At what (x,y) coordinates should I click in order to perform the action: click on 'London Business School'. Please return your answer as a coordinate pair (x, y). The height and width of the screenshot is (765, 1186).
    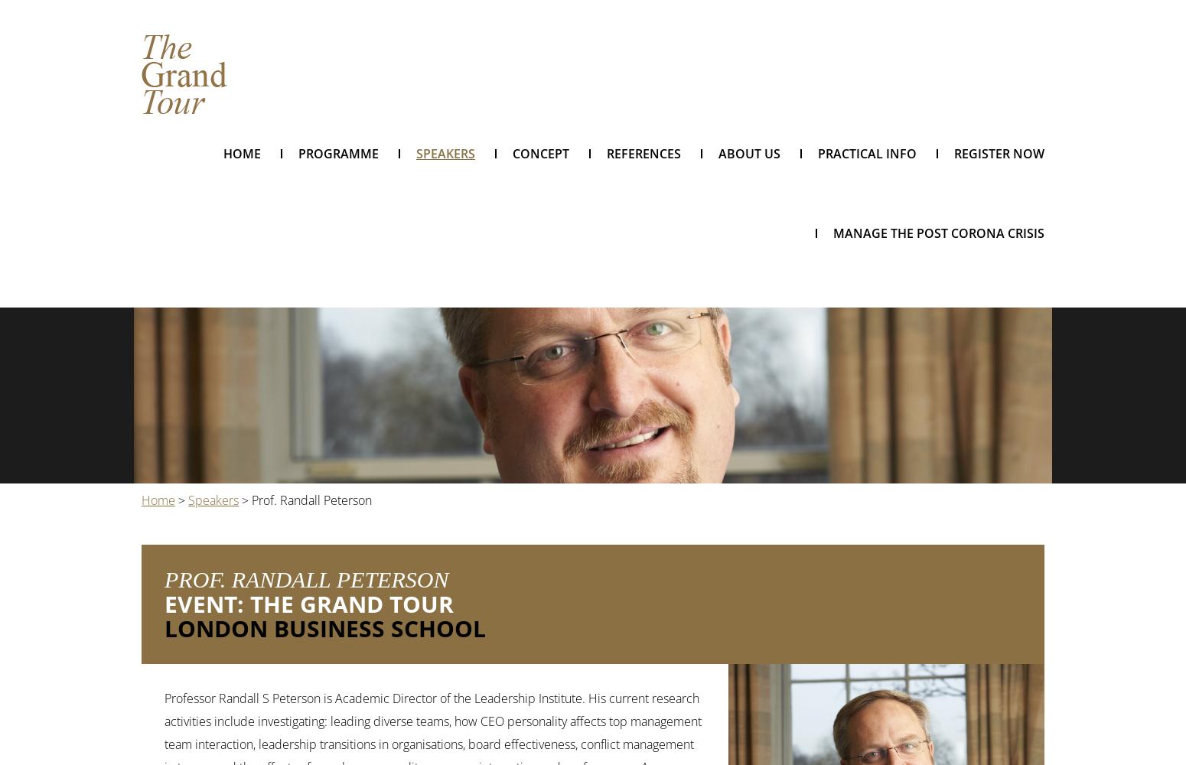
    Looking at the image, I should click on (325, 627).